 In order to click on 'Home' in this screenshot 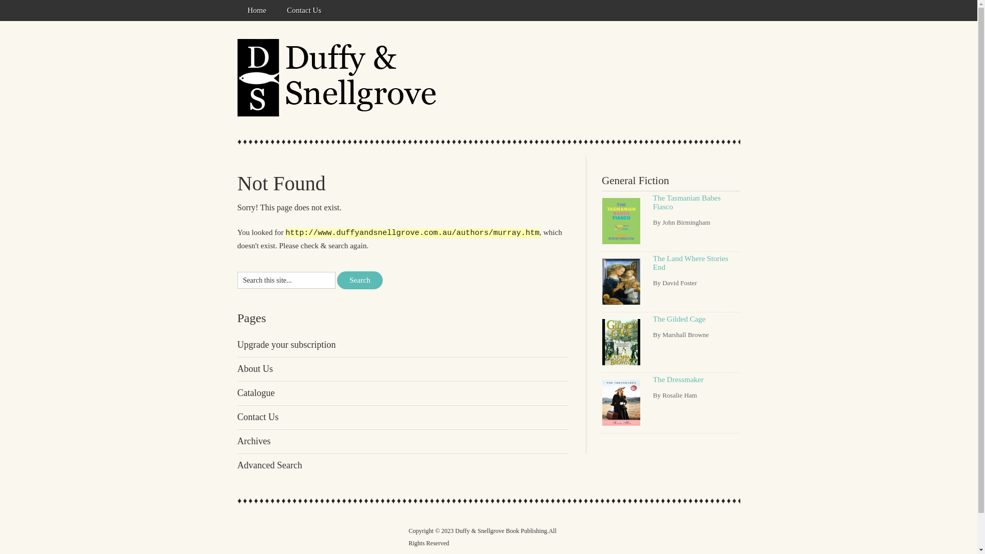, I will do `click(236, 10)`.